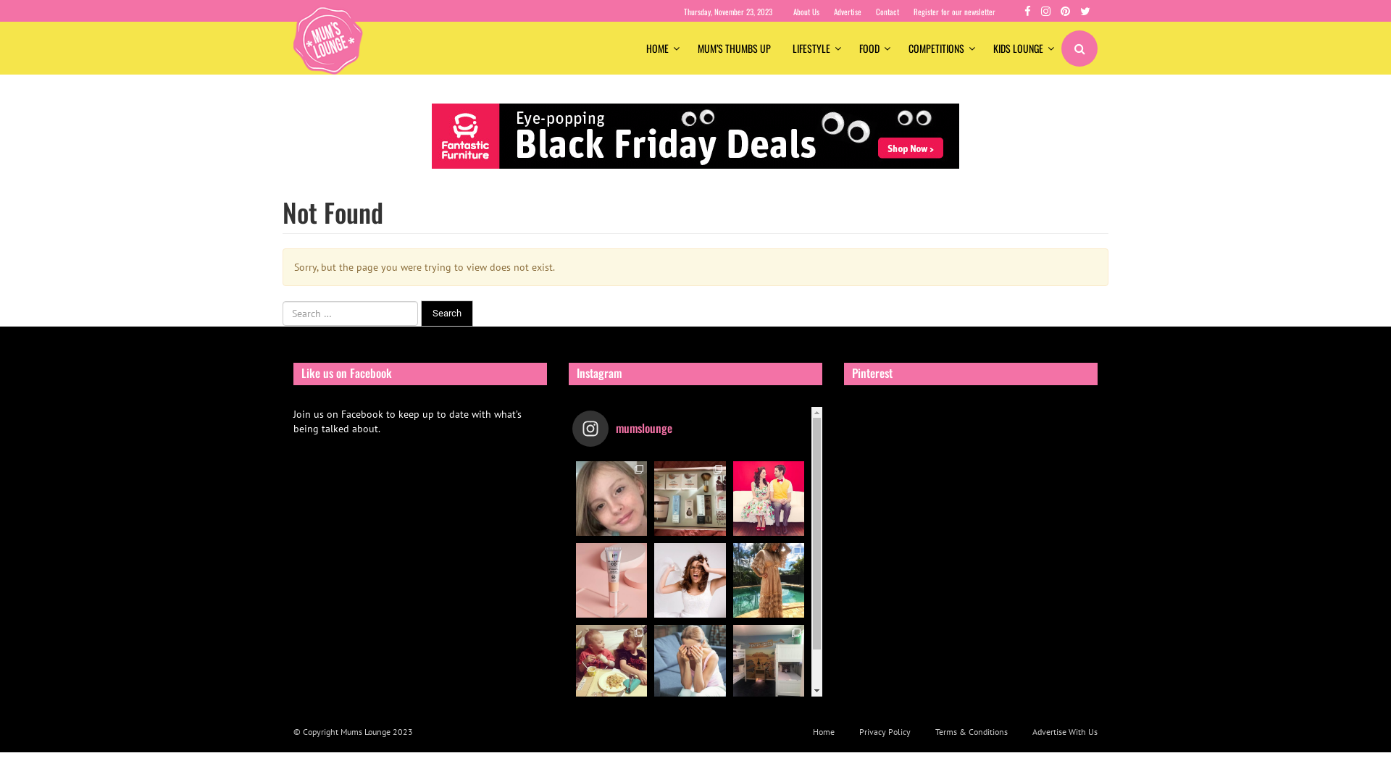  Describe the element at coordinates (814, 47) in the screenshot. I see `'LIFESTYLE'` at that location.